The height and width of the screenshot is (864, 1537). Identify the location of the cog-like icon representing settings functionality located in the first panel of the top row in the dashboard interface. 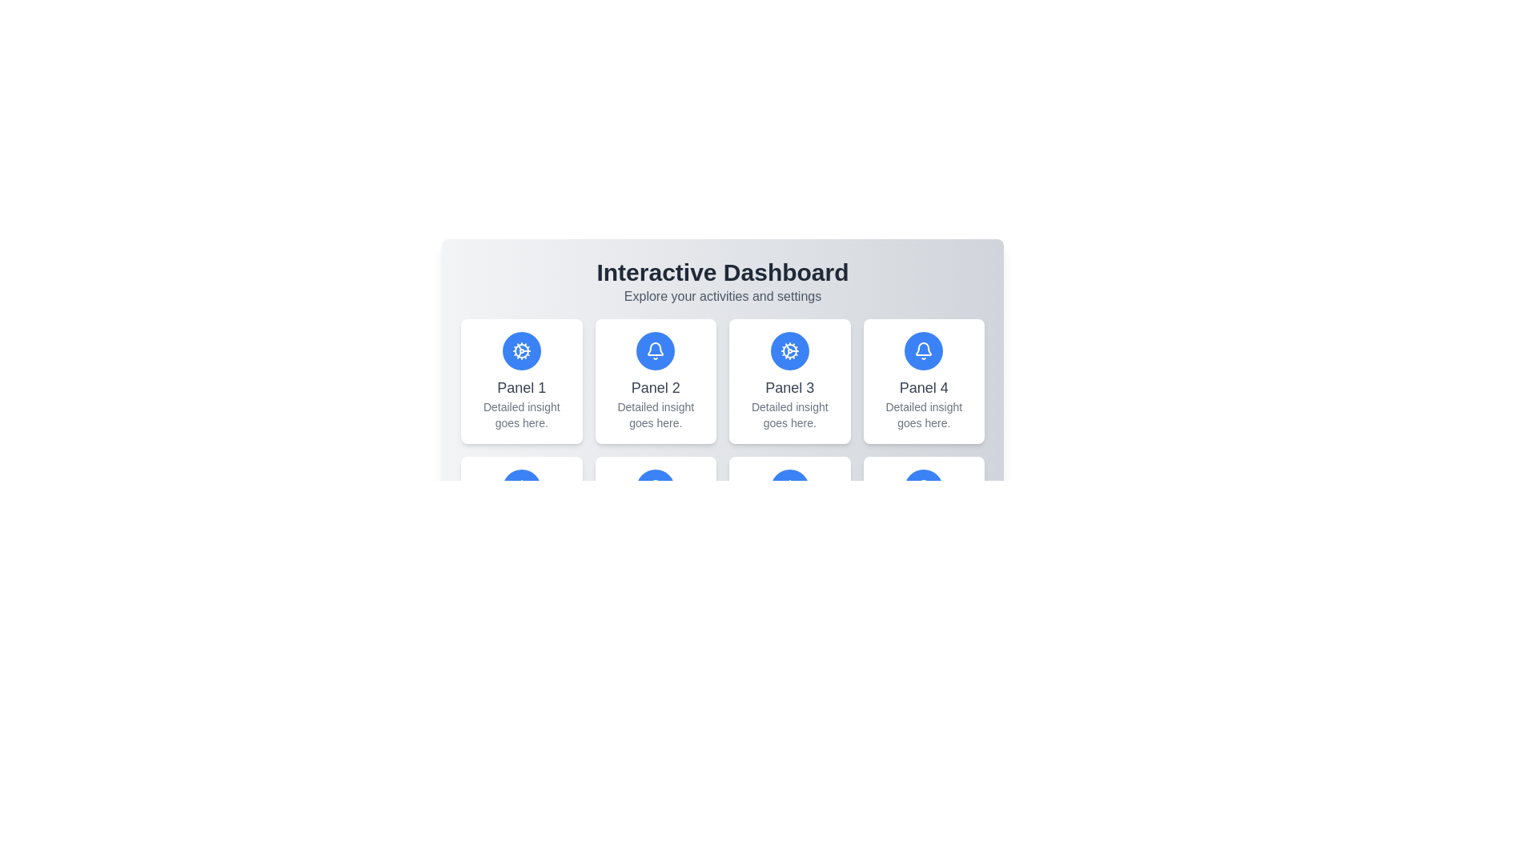
(521, 487).